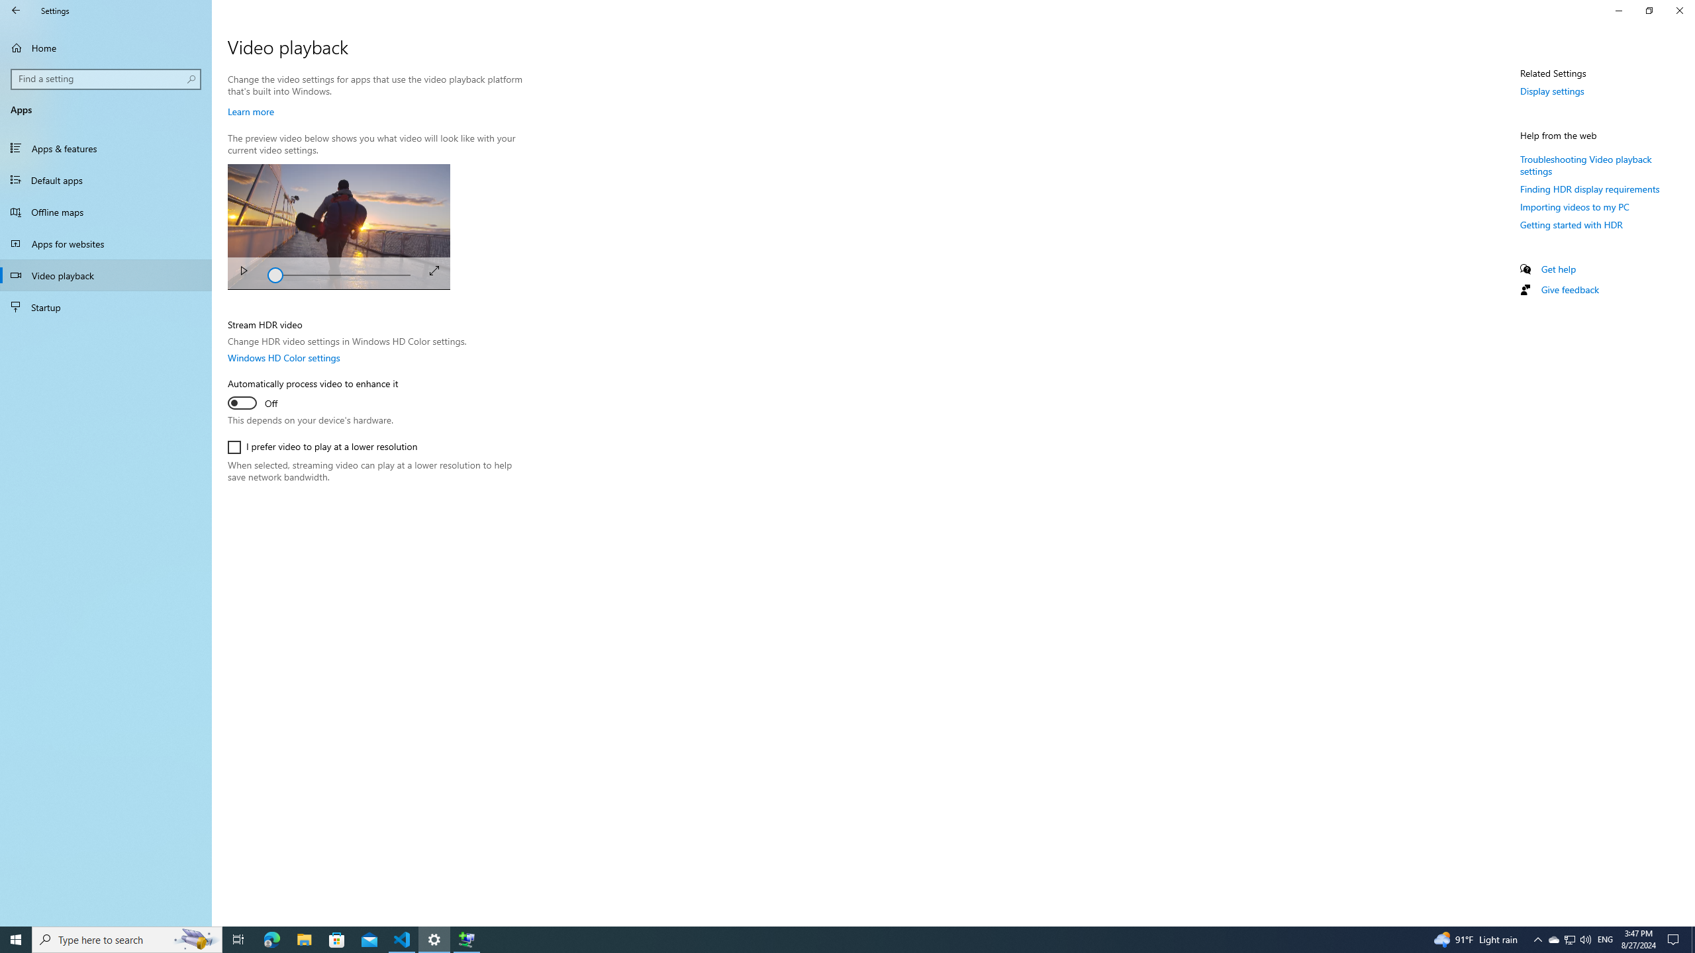 The image size is (1695, 953). Describe the element at coordinates (1571, 224) in the screenshot. I see `'Getting started with HDR'` at that location.